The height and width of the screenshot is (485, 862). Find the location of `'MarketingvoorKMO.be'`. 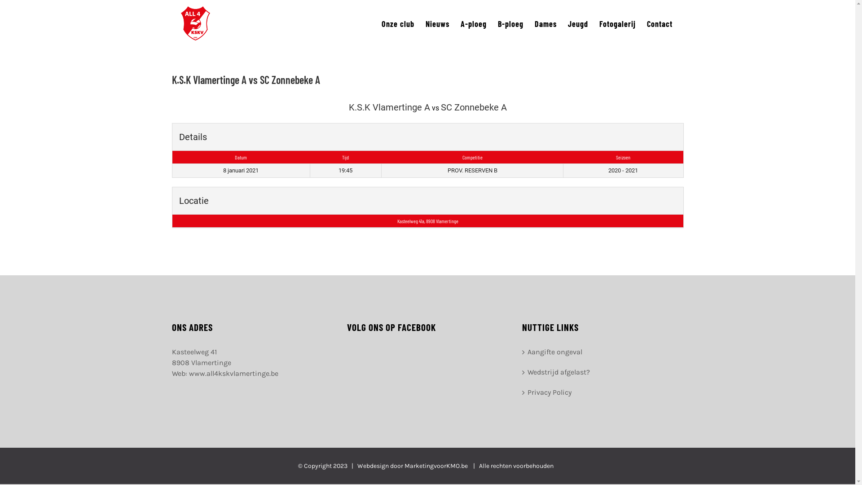

'MarketingvoorKMO.be' is located at coordinates (435, 465).